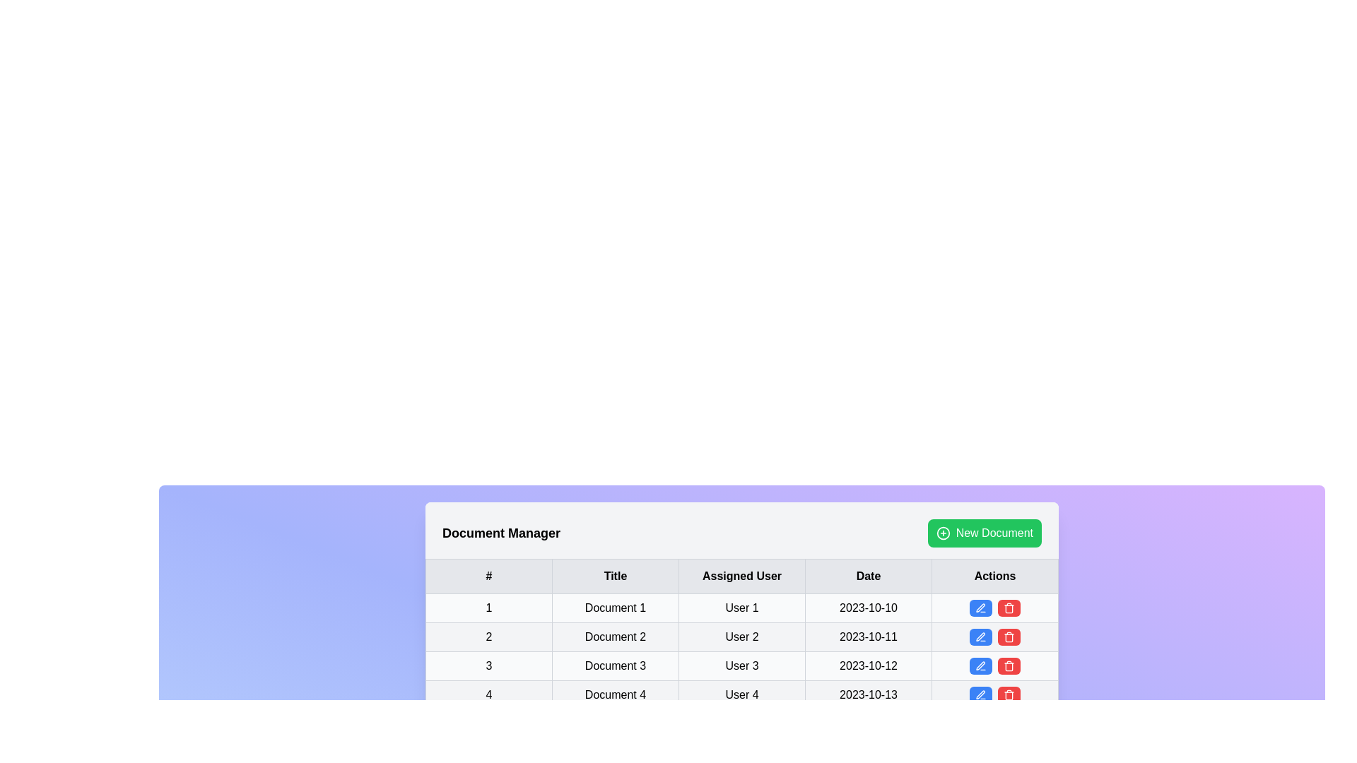 The width and height of the screenshot is (1357, 763). Describe the element at coordinates (980, 607) in the screenshot. I see `the blue pen icon in the first row of the 'Actions' column` at that location.